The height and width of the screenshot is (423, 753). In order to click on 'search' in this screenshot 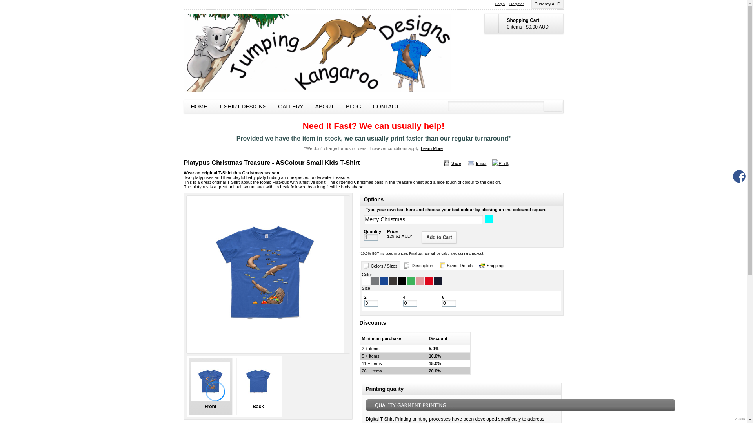, I will do `click(552, 106)`.